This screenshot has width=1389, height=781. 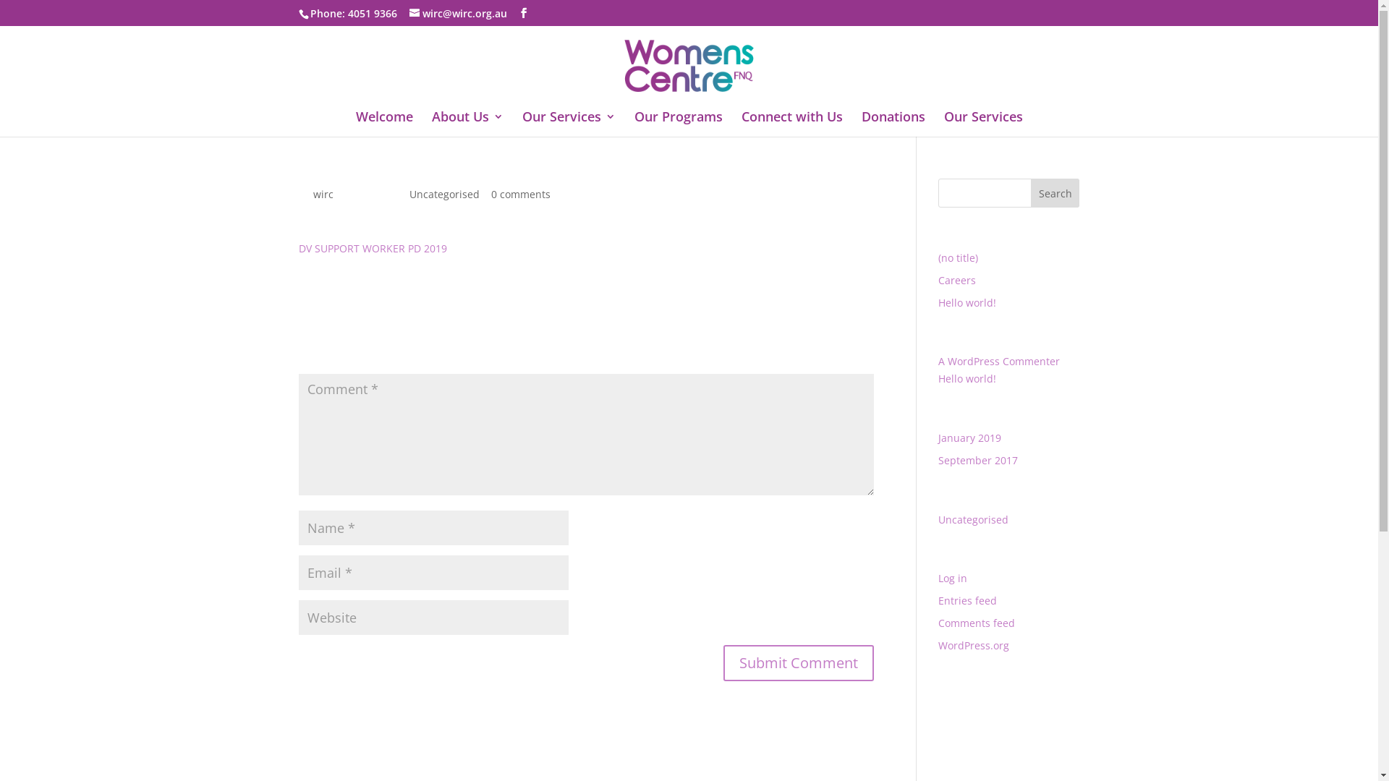 What do you see at coordinates (967, 600) in the screenshot?
I see `'Entries feed'` at bounding box center [967, 600].